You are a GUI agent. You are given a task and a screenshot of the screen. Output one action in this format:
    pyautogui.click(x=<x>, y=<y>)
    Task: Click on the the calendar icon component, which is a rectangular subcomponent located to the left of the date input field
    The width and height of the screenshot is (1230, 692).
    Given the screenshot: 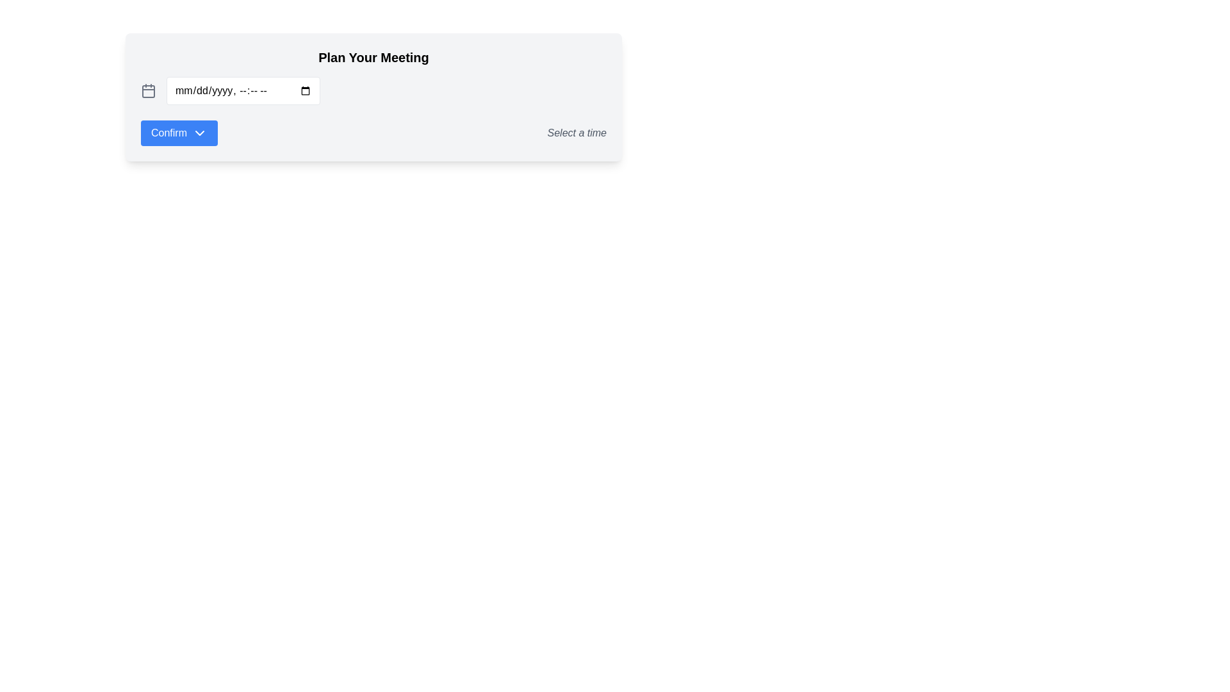 What is the action you would take?
    pyautogui.click(x=148, y=90)
    